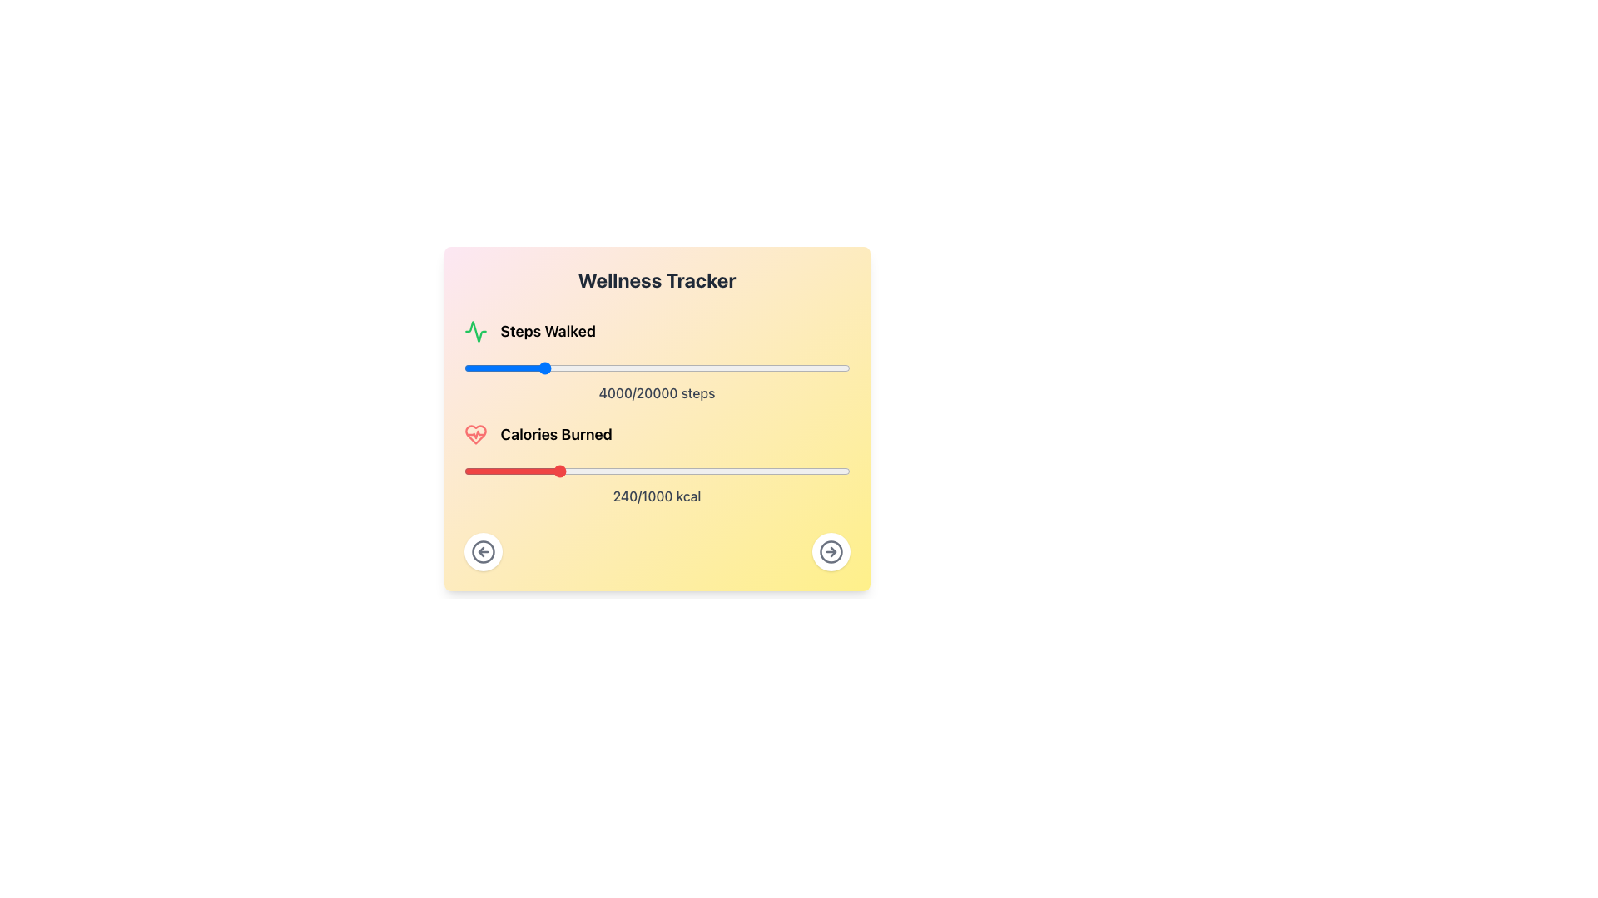 The height and width of the screenshot is (898, 1598). What do you see at coordinates (848, 368) in the screenshot?
I see `the steps walked` at bounding box center [848, 368].